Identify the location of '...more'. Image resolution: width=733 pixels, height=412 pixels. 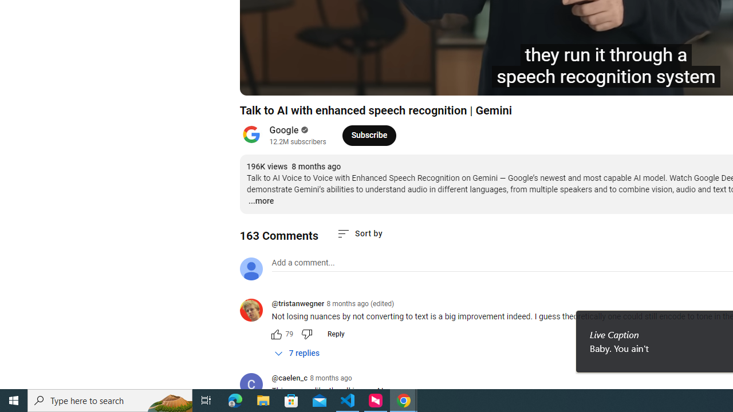
(260, 201).